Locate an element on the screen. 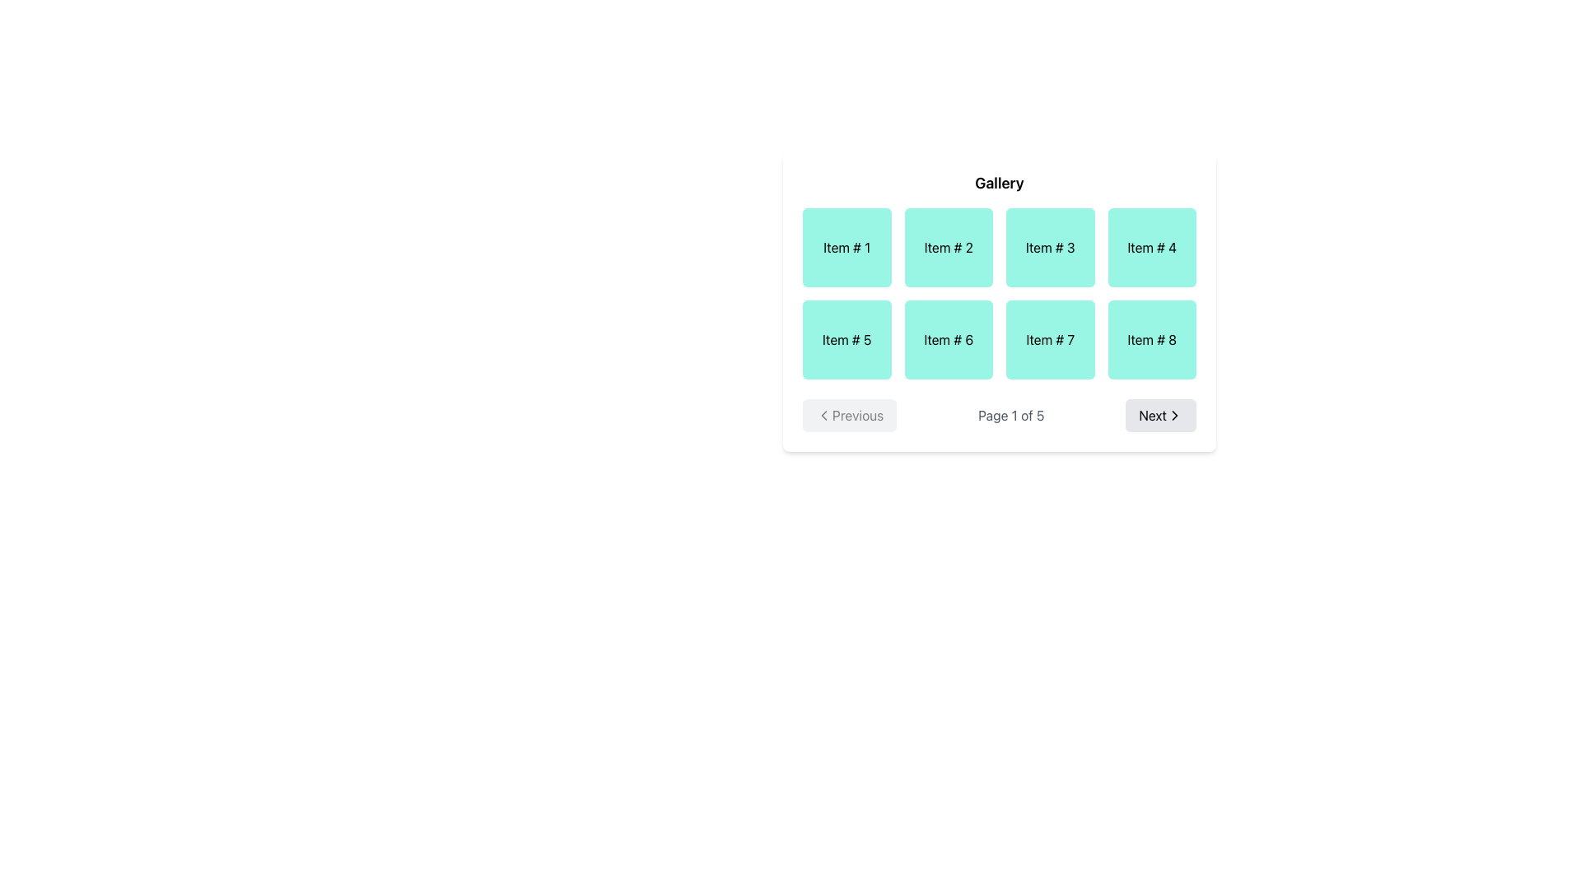 This screenshot has width=1581, height=889. the button tile labeled 'Item # 6' which has a light teal background and is is located at coordinates (949, 338).